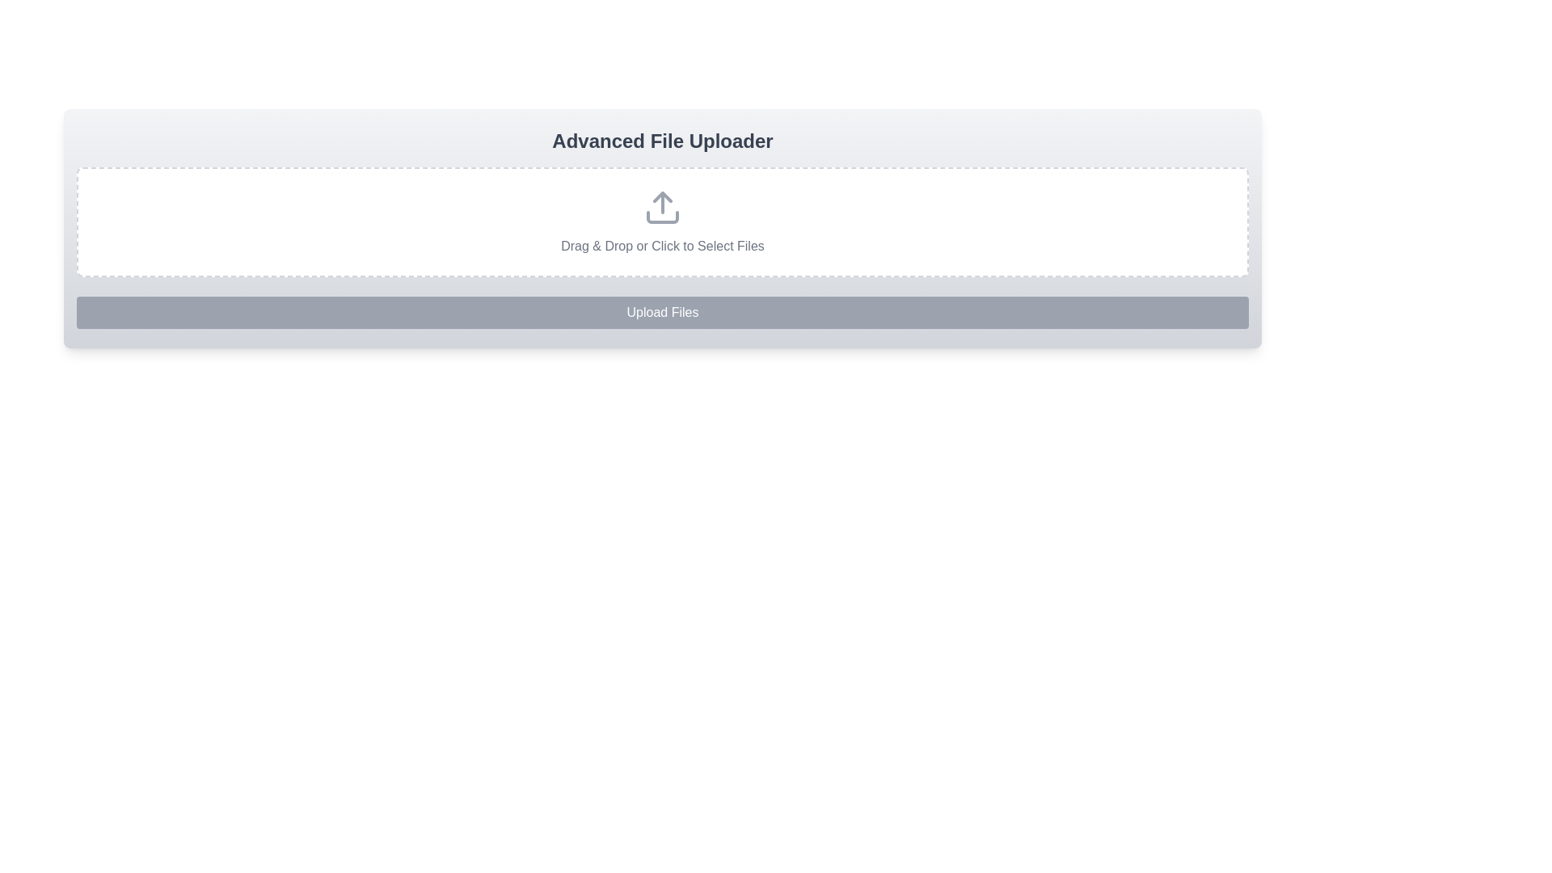  Describe the element at coordinates (663, 207) in the screenshot. I see `the upload icon located at the center of the file upload section, which visually indicates the uploading functionality` at that location.